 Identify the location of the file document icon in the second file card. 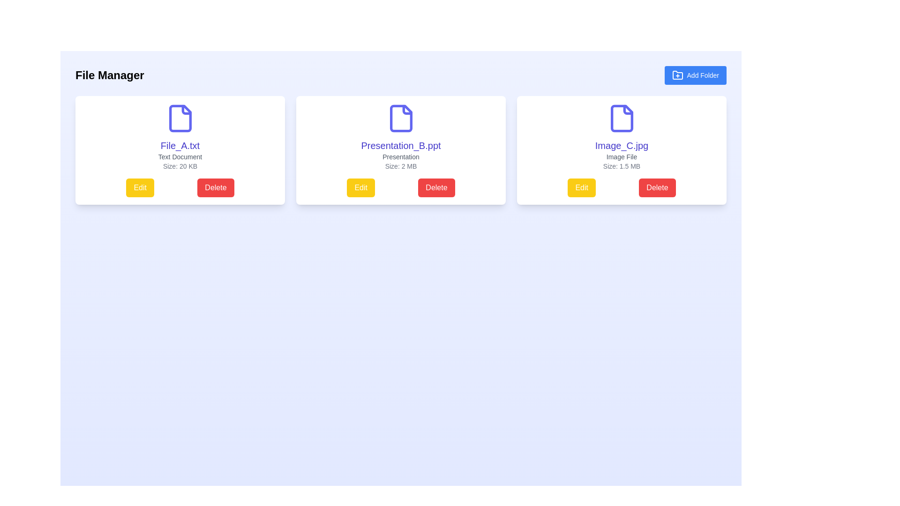
(401, 118).